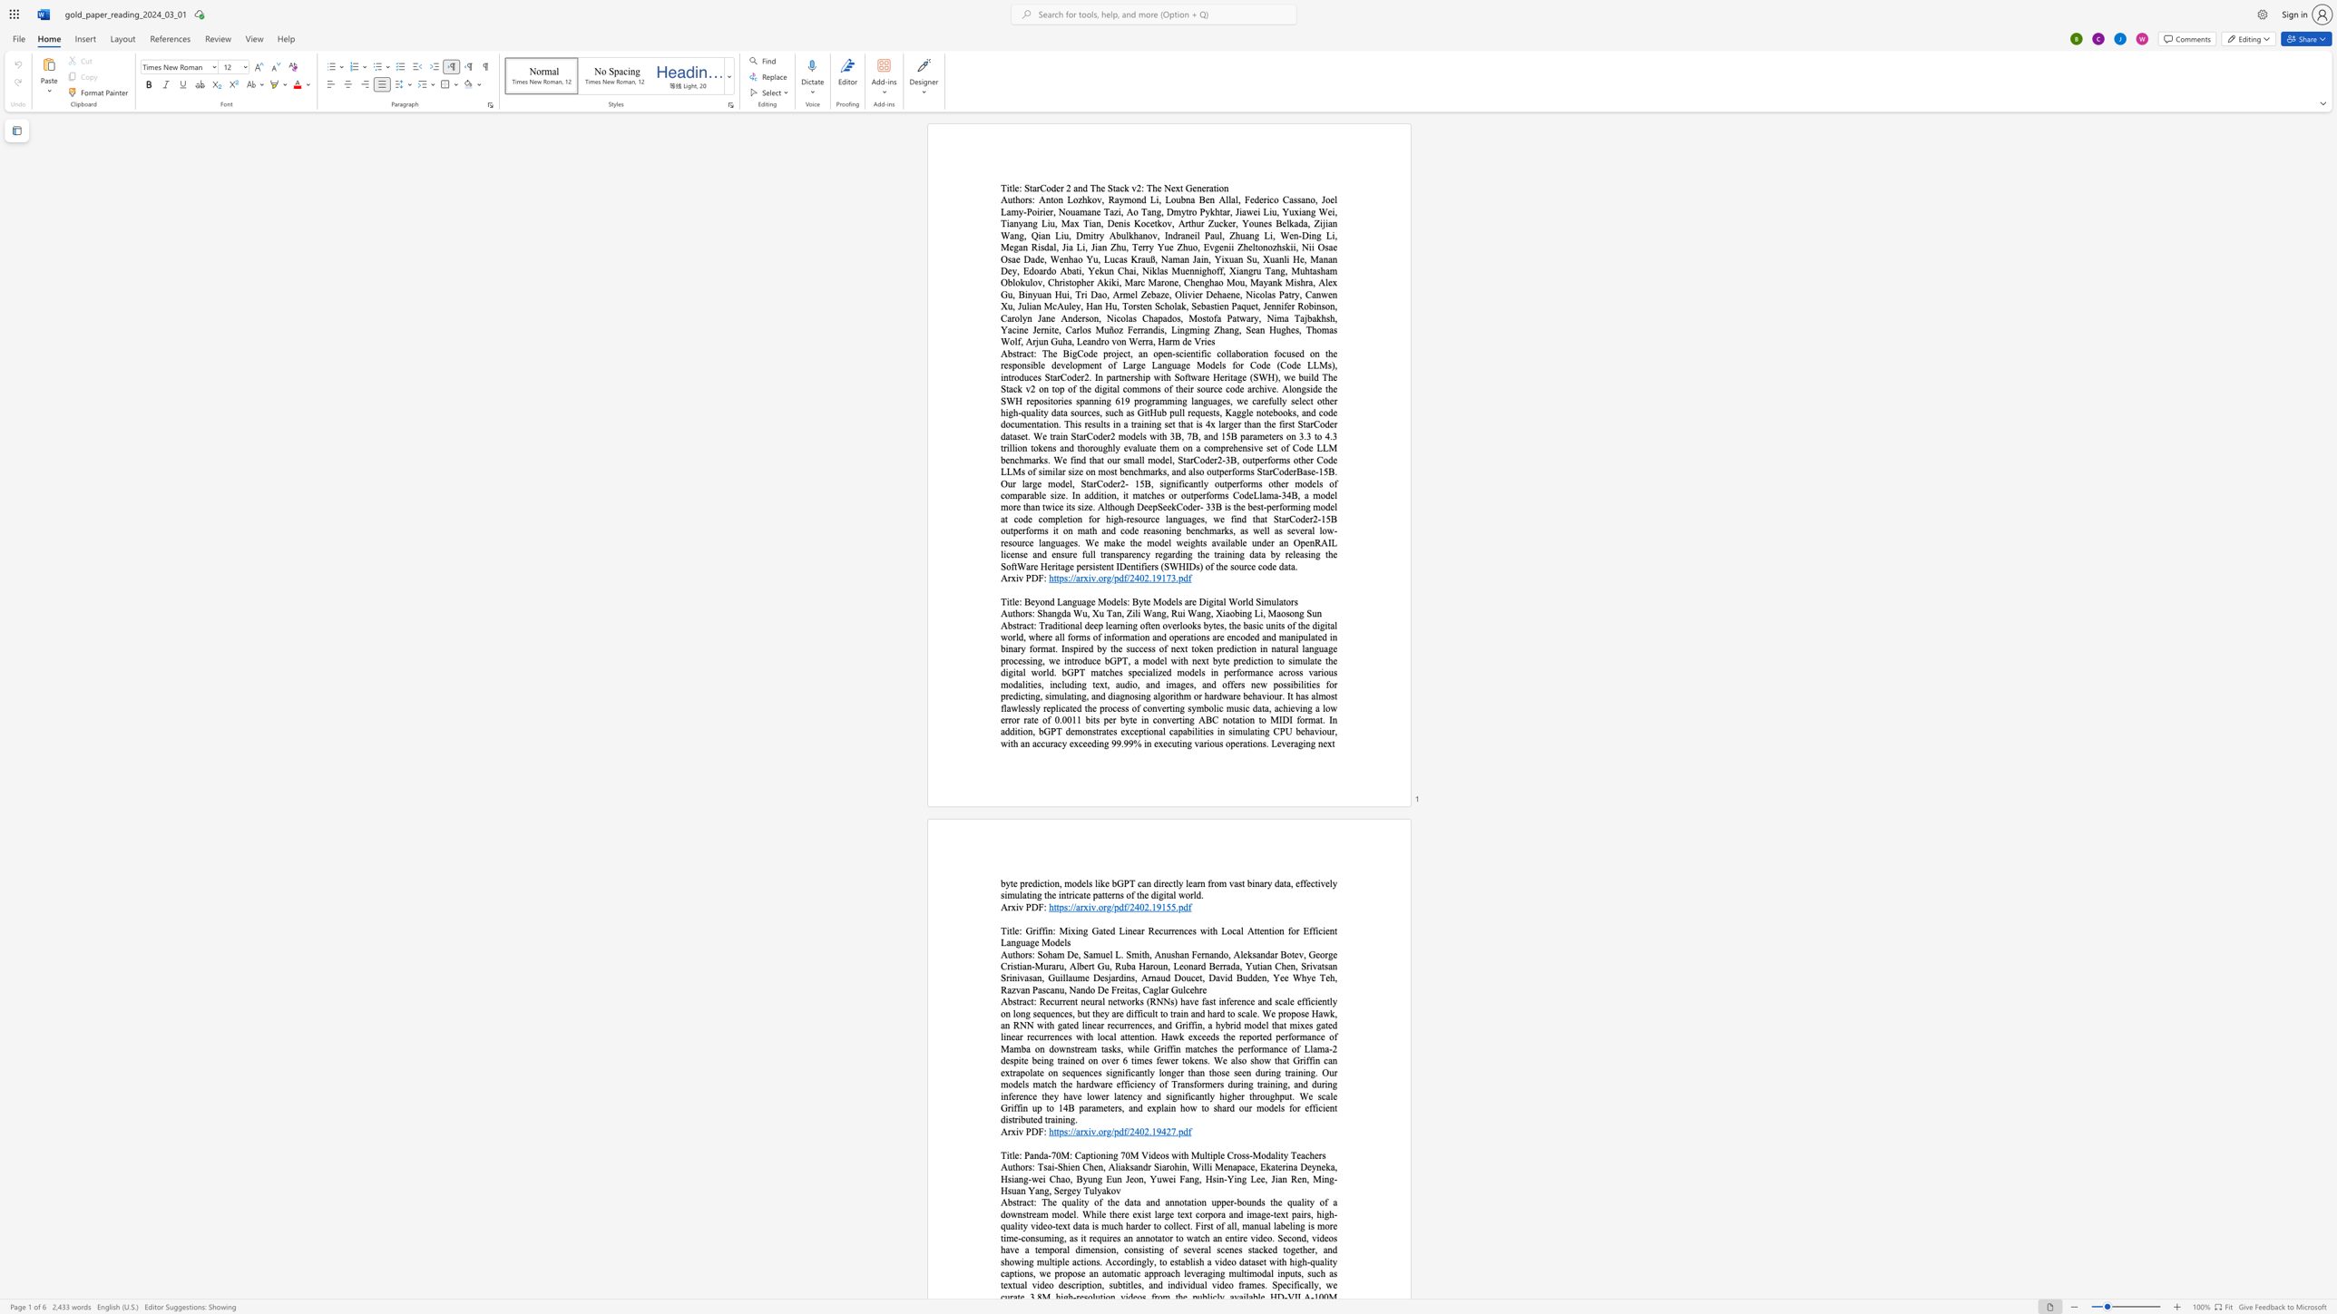  What do you see at coordinates (1014, 625) in the screenshot?
I see `the 1th character "s" in the text` at bounding box center [1014, 625].